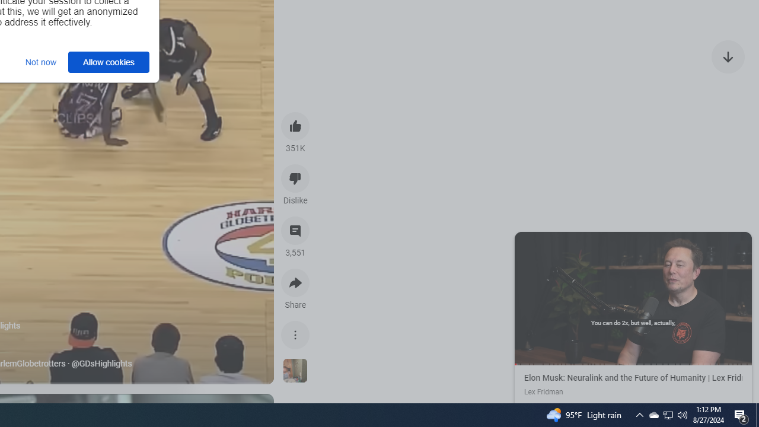 The image size is (759, 427). What do you see at coordinates (41, 62) in the screenshot?
I see `'Not now'` at bounding box center [41, 62].